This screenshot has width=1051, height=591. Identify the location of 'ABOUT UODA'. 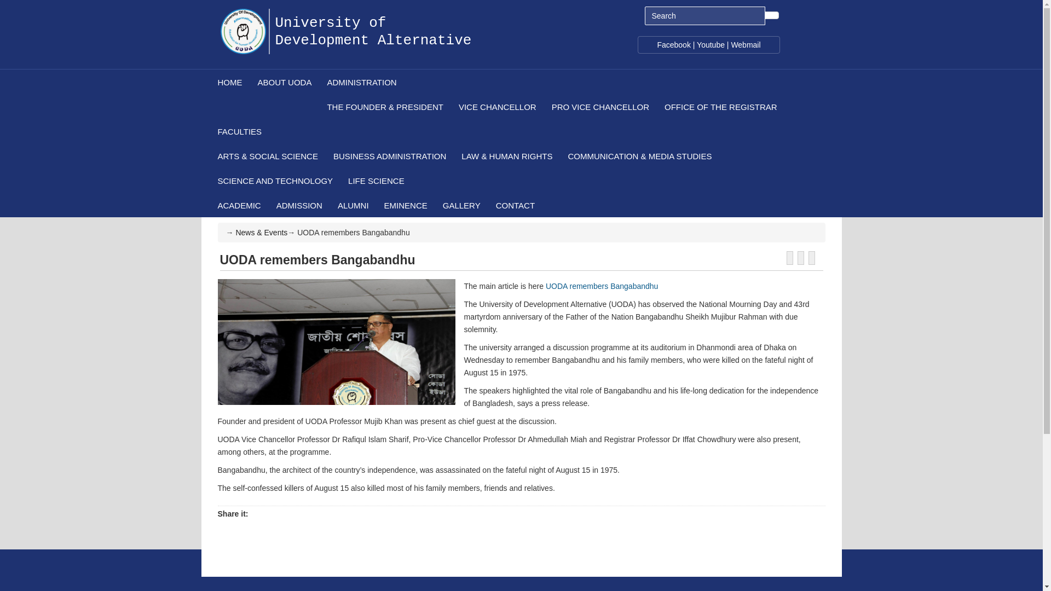
(284, 81).